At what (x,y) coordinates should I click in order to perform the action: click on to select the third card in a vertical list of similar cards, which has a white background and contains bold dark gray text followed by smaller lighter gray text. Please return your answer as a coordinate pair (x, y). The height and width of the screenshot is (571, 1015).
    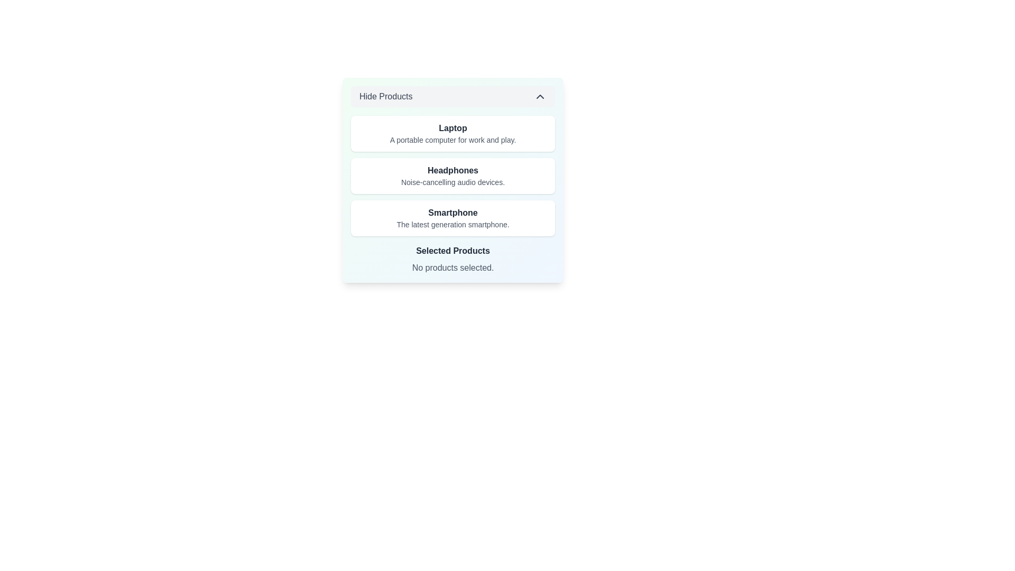
    Looking at the image, I should click on (453, 217).